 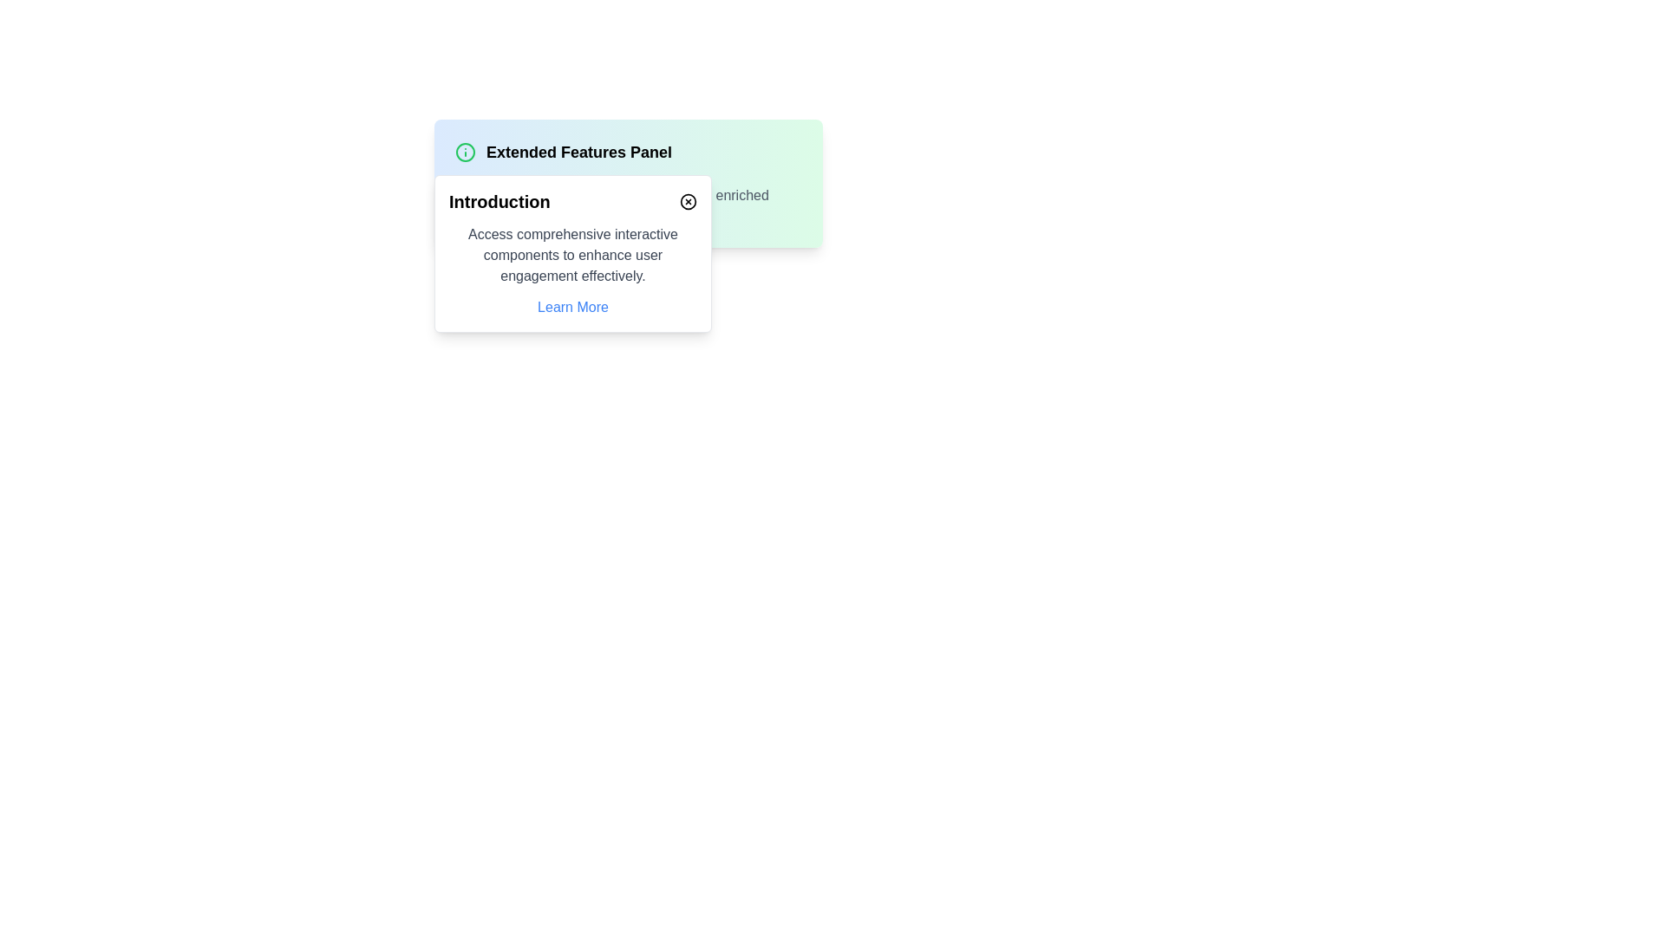 I want to click on the close button located at the right-upper corner of the 'Introduction' dialog box, so click(x=687, y=200).